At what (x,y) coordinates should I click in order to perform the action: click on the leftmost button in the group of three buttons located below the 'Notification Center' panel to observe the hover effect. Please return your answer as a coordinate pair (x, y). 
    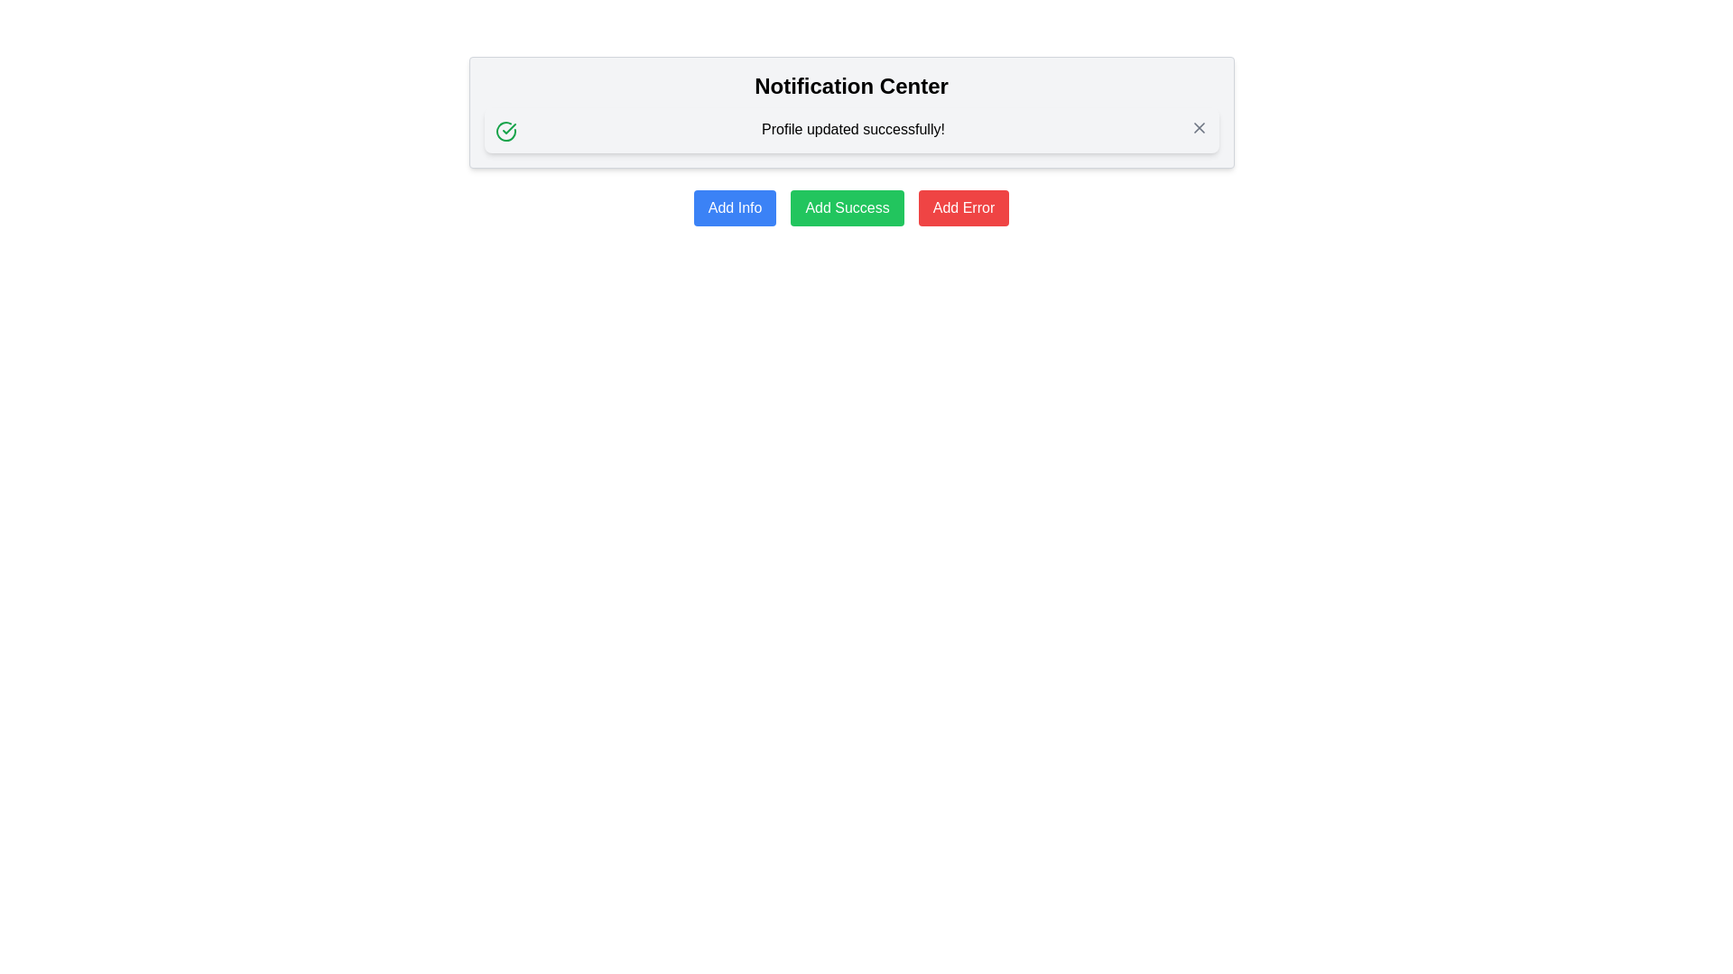
    Looking at the image, I should click on (735, 207).